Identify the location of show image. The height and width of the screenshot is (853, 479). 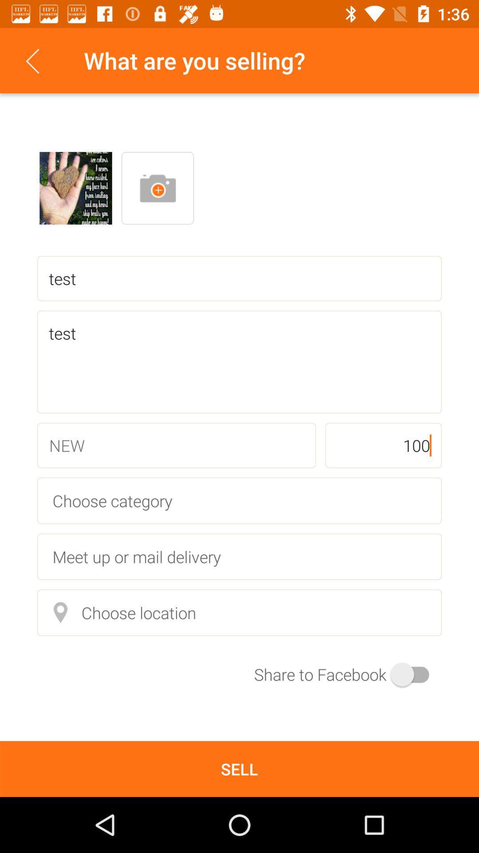
(75, 187).